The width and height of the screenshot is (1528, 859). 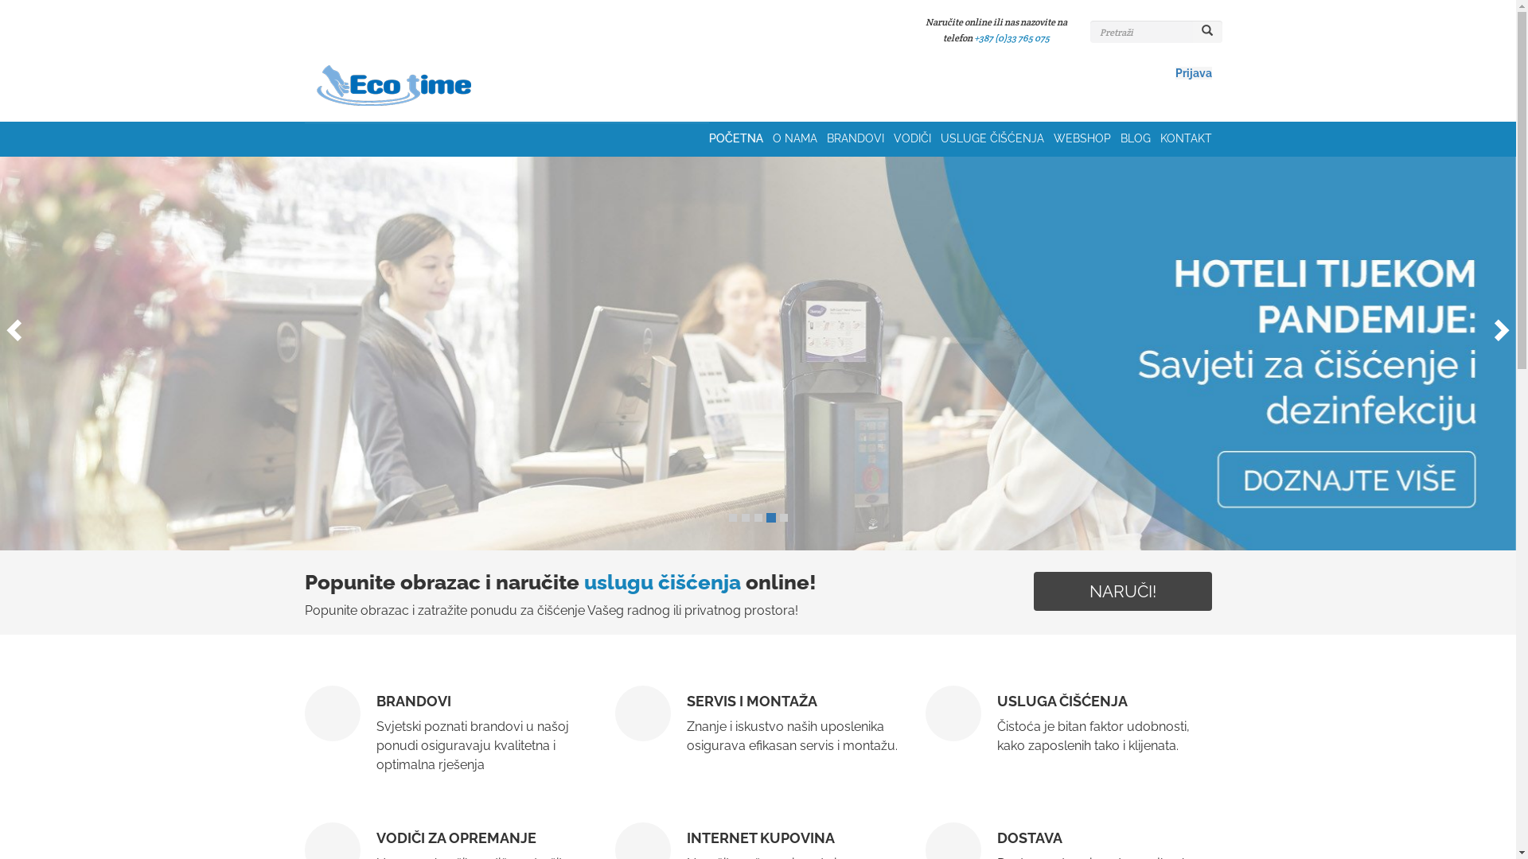 What do you see at coordinates (1503, 324) in the screenshot?
I see `'Next'` at bounding box center [1503, 324].